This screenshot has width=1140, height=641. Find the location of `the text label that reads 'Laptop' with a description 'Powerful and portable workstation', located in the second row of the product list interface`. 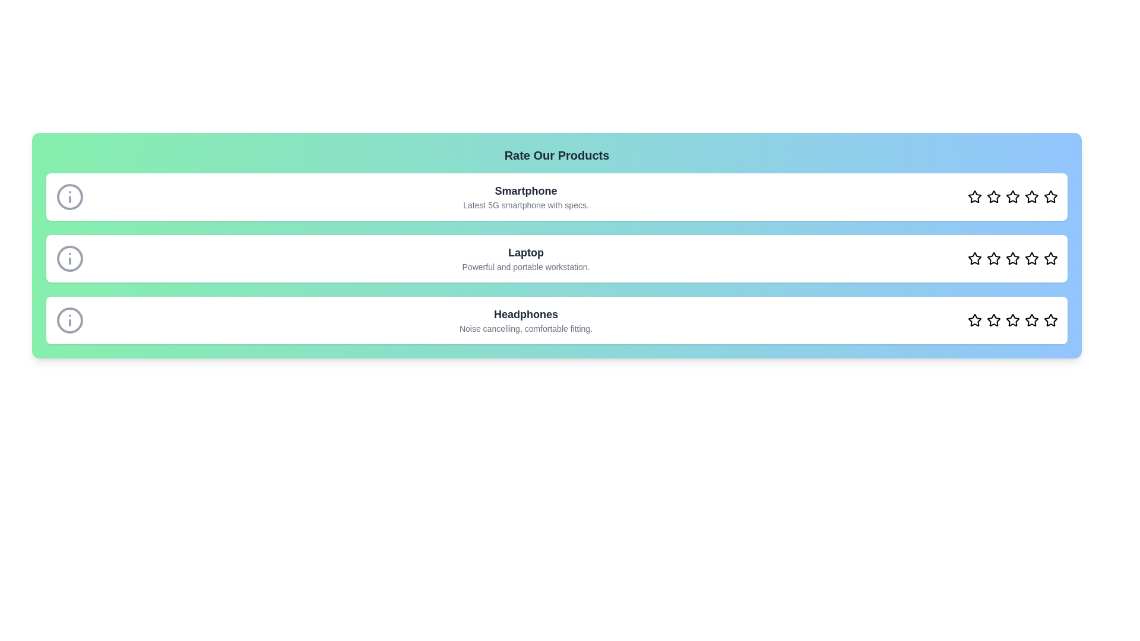

the text label that reads 'Laptop' with a description 'Powerful and portable workstation', located in the second row of the product list interface is located at coordinates (525, 258).